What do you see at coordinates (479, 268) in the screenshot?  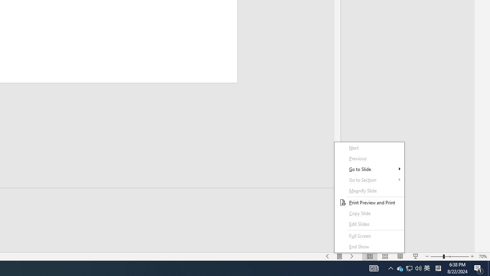 I see `'Action Center, 1 new notification'` at bounding box center [479, 268].